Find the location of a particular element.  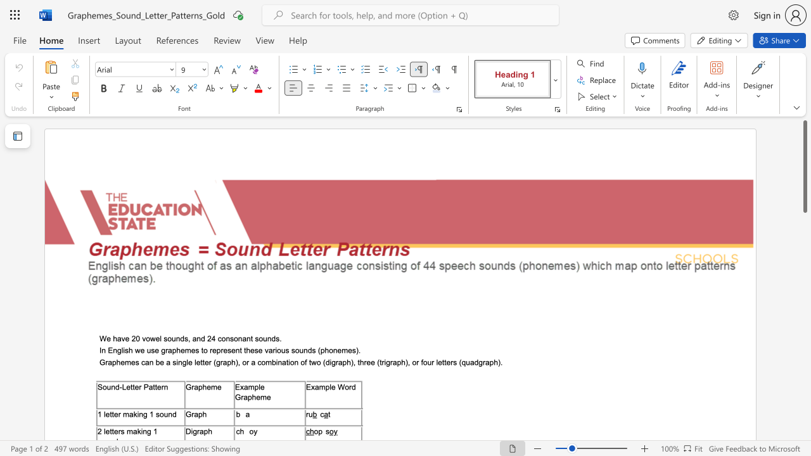

the scrollbar to move the content lower is located at coordinates (804, 424).